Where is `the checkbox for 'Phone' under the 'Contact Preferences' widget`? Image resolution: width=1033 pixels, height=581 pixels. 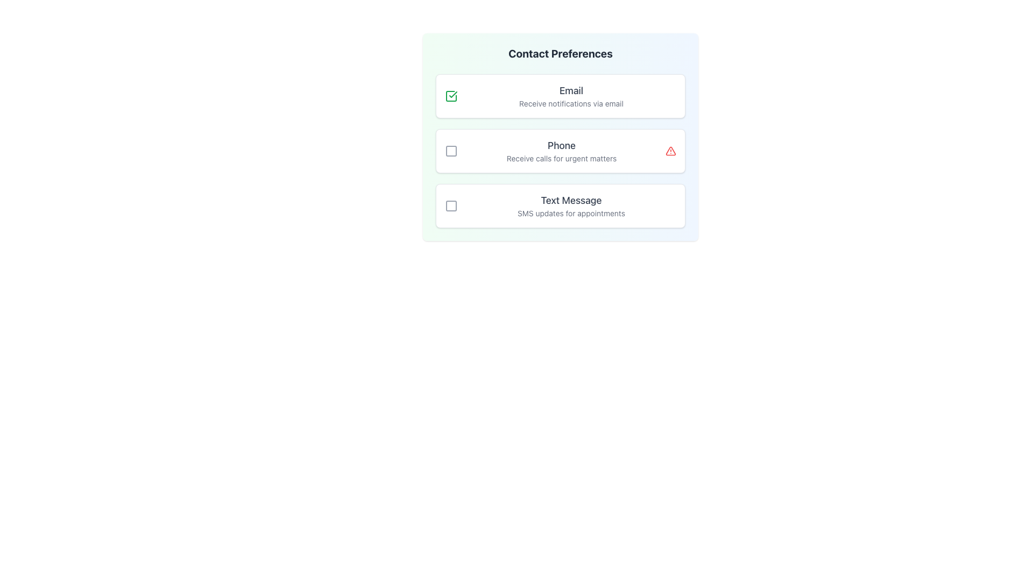 the checkbox for 'Phone' under the 'Contact Preferences' widget is located at coordinates (560, 136).